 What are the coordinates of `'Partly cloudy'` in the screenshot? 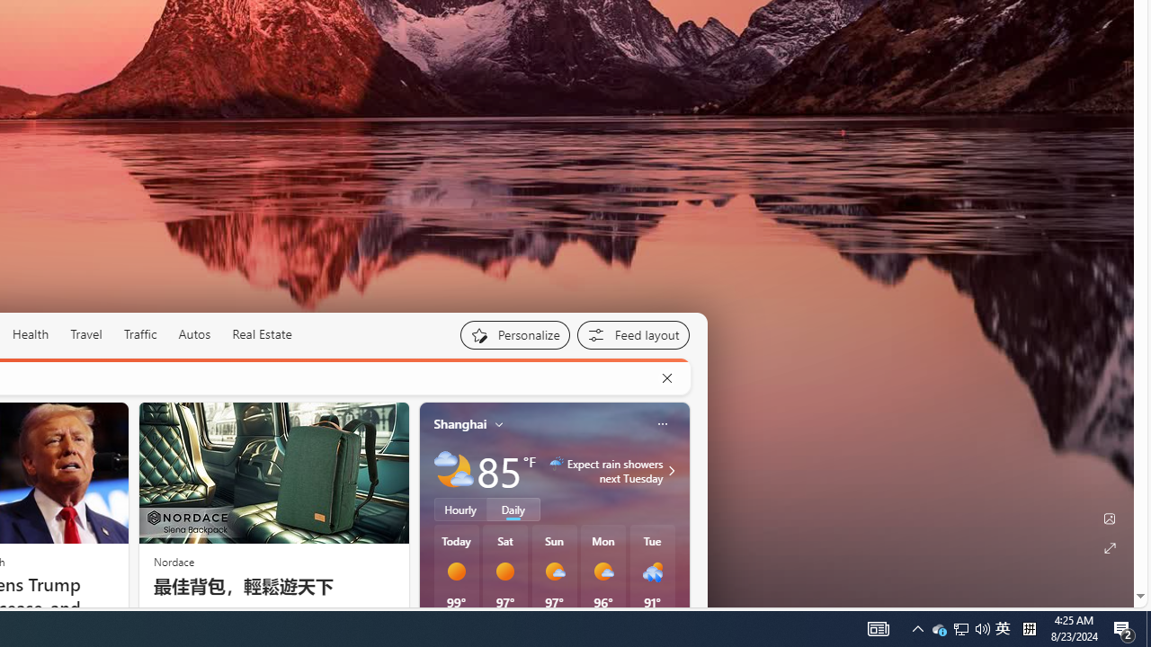 It's located at (453, 469).